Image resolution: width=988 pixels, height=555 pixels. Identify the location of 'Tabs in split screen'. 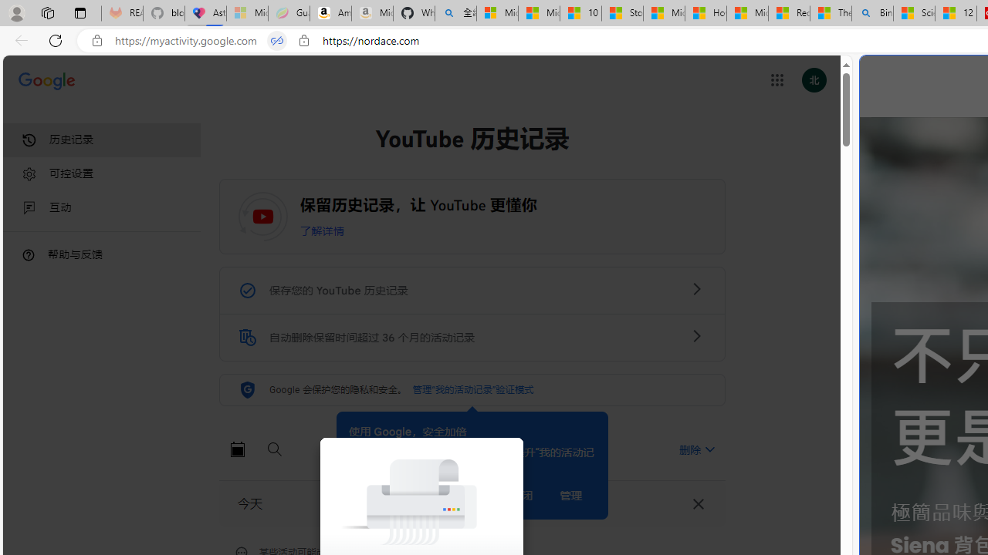
(277, 40).